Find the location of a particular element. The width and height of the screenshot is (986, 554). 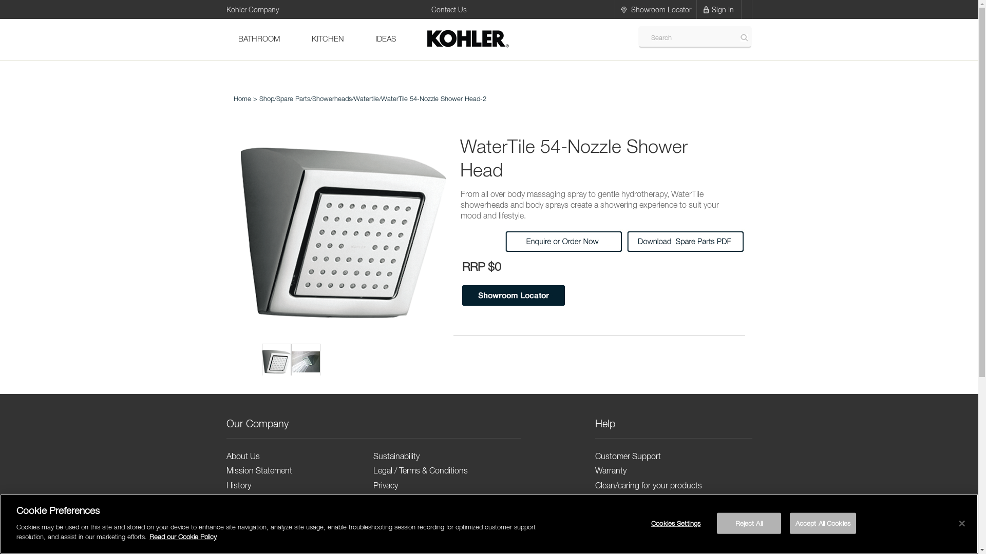

'Privacy' is located at coordinates (385, 485).